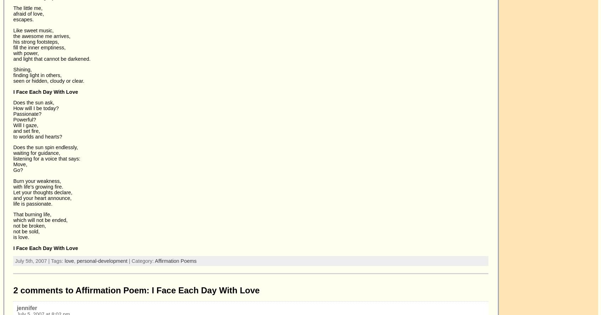 This screenshot has width=601, height=315. I want to click on 'and set fire,', so click(13, 130).